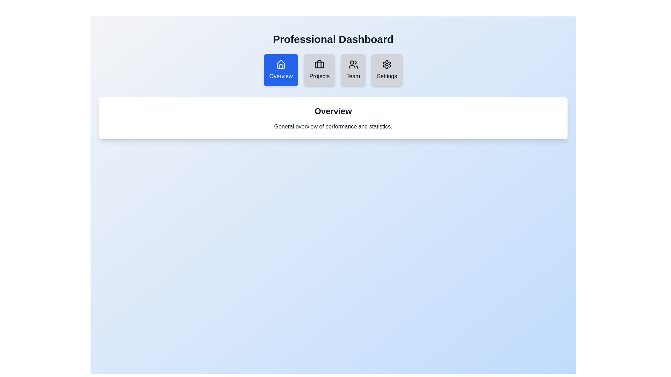  Describe the element at coordinates (353, 70) in the screenshot. I see `the tab labeled Team to observe its visual effects` at that location.